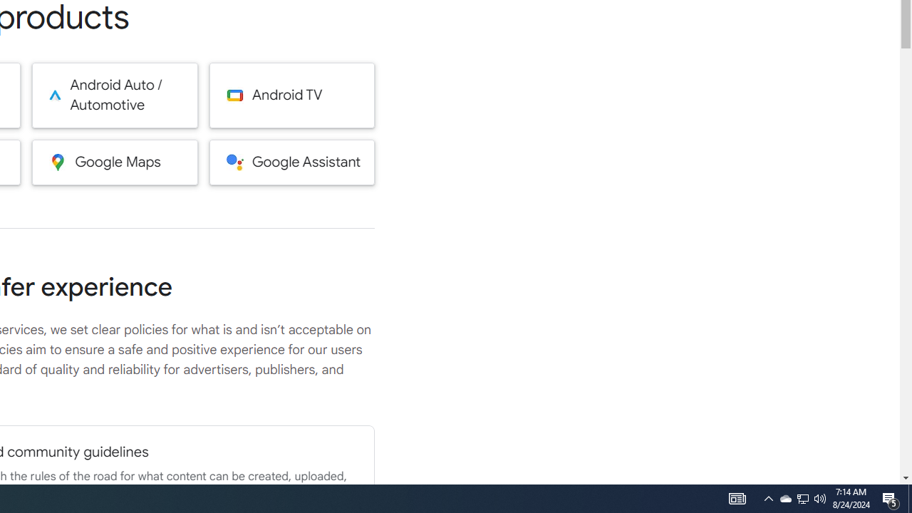 The width and height of the screenshot is (912, 513). Describe the element at coordinates (291, 95) in the screenshot. I see `'Android TV'` at that location.